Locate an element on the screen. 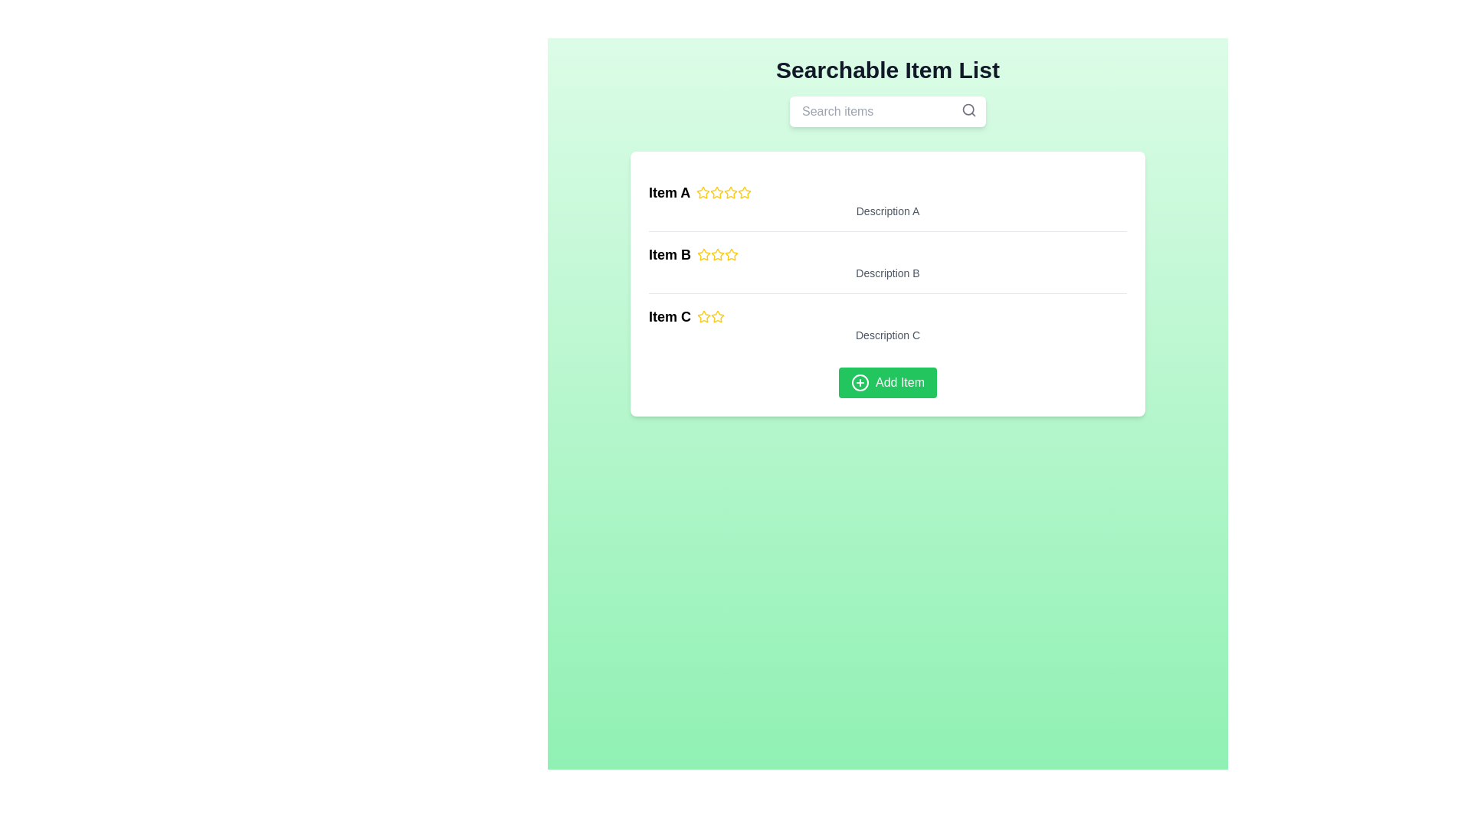 The height and width of the screenshot is (827, 1471). the third yellow star icon in the rating section for 'Item A' is located at coordinates (730, 191).